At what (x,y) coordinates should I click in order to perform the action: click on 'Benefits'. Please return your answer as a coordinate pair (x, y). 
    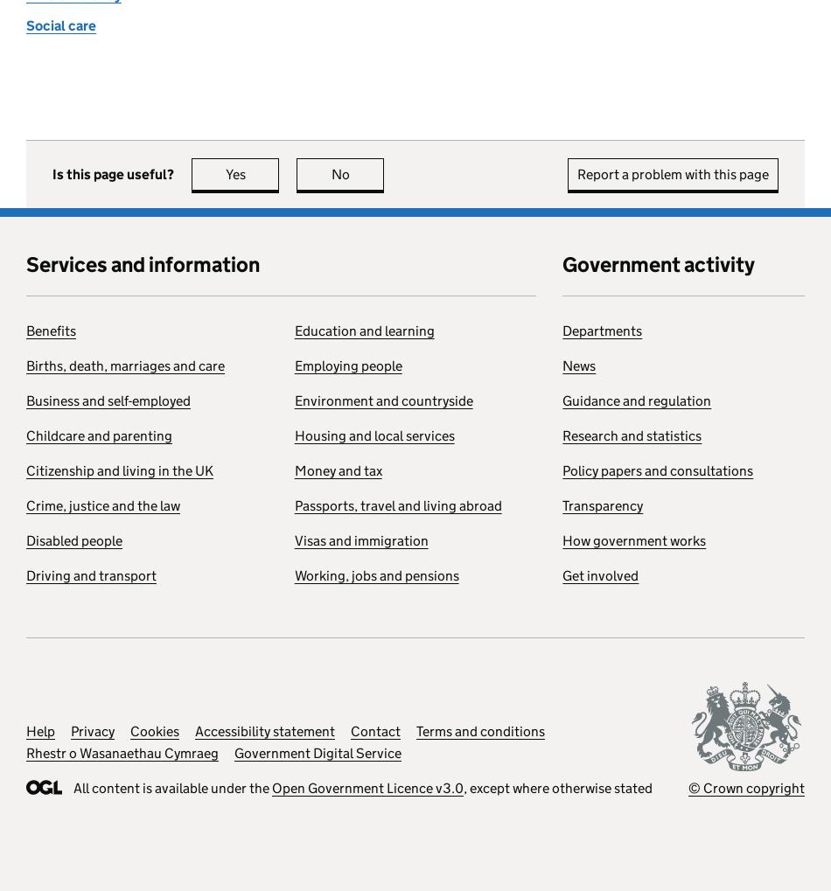
    Looking at the image, I should click on (51, 330).